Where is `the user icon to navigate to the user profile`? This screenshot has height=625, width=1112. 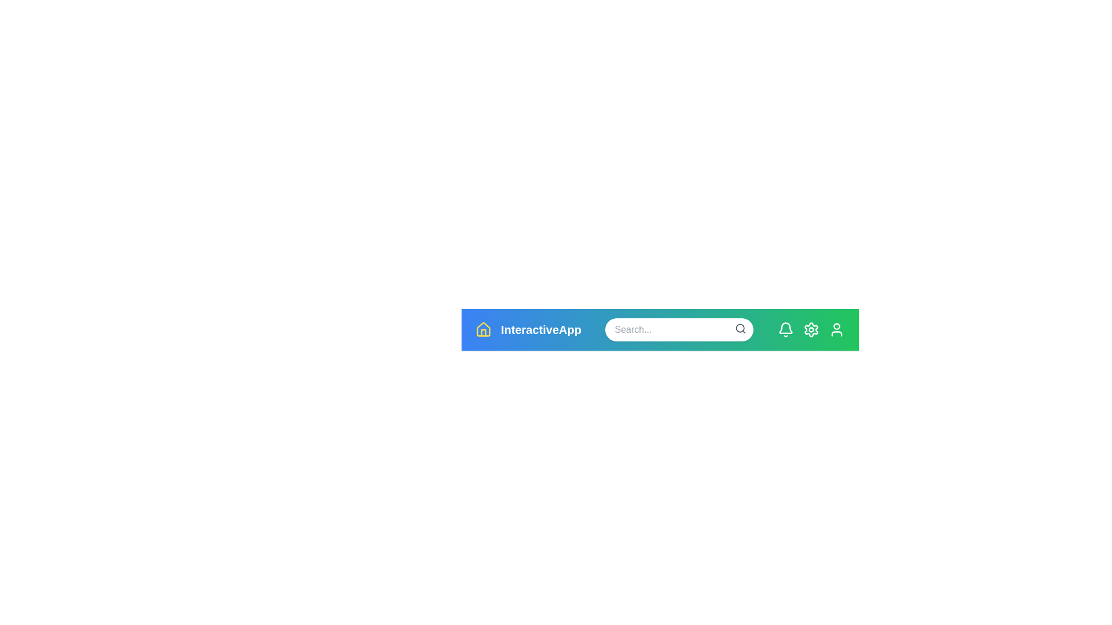
the user icon to navigate to the user profile is located at coordinates (836, 330).